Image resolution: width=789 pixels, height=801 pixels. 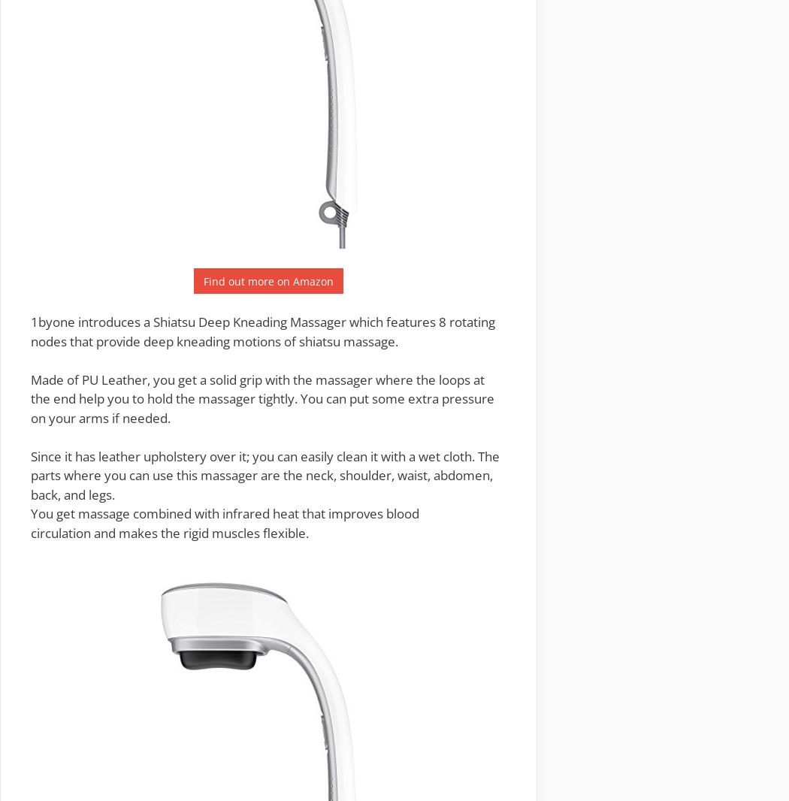 I want to click on 'Since it has leather upholstery over it; you can easily clean it with a wet cloth. The parts where you can use this massager are the neck, shoulder, waist, abdomen, back, and legs.', so click(x=265, y=474).